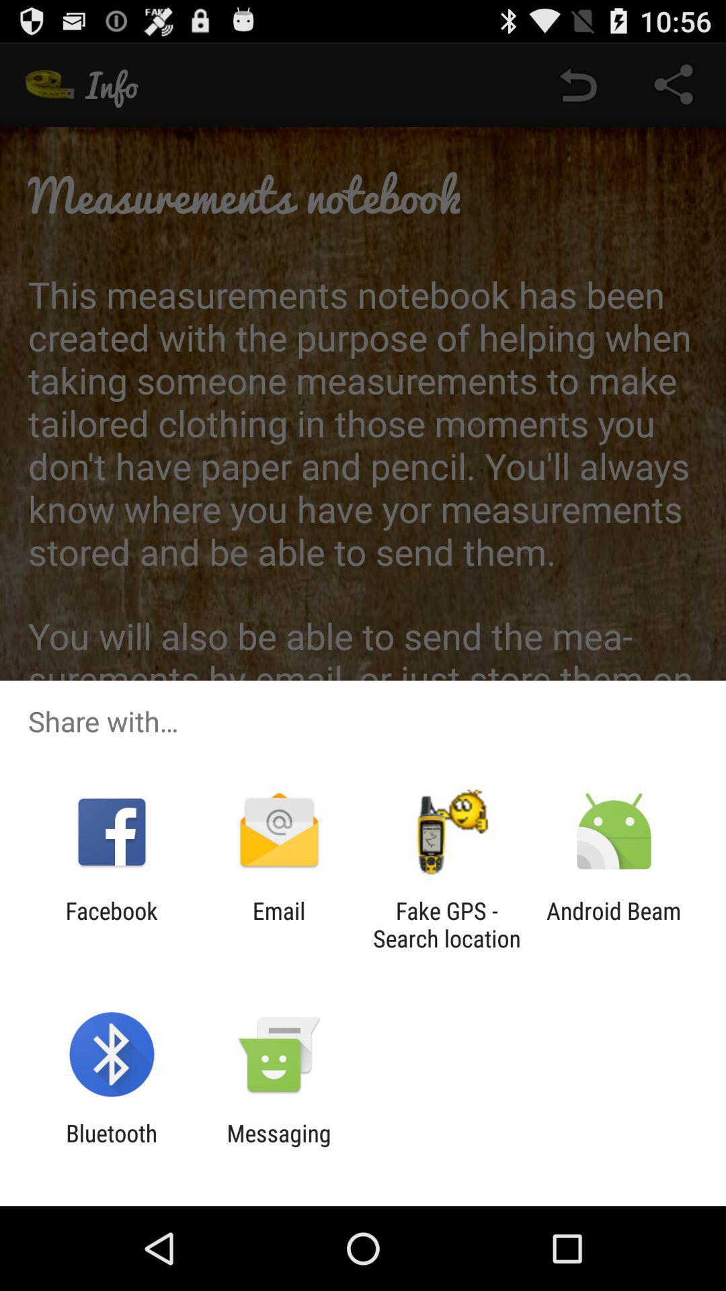 This screenshot has width=726, height=1291. Describe the element at coordinates (111, 924) in the screenshot. I see `the app to the left of email app` at that location.